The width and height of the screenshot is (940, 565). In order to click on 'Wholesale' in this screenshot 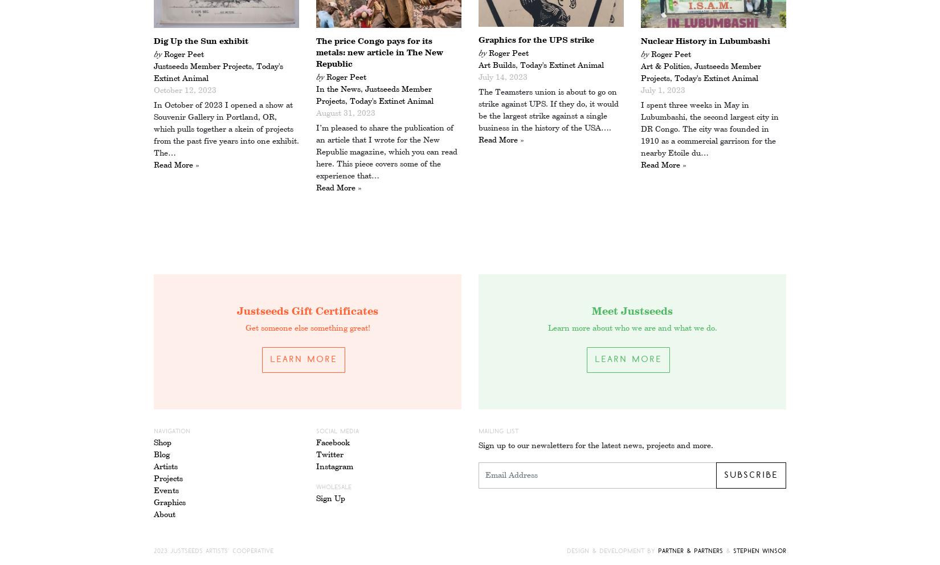, I will do `click(333, 486)`.